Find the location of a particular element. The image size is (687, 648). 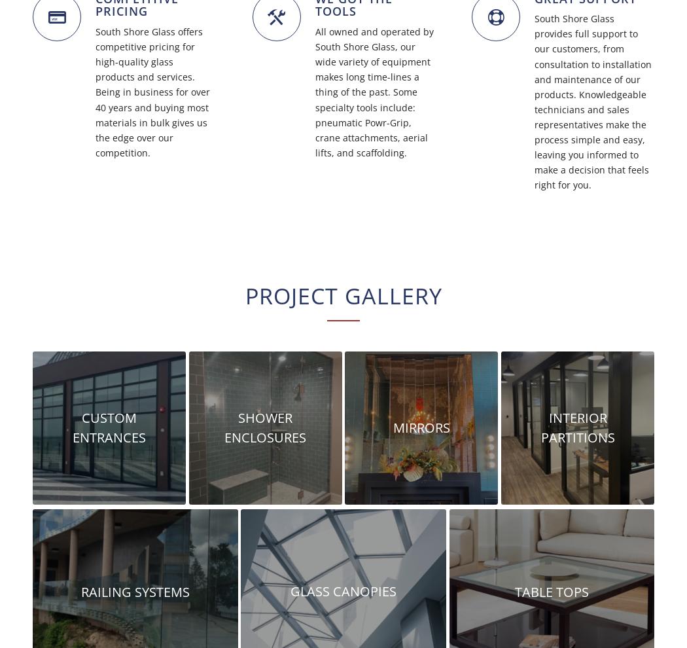

'RAILING SYSTEMS' is located at coordinates (79, 590).